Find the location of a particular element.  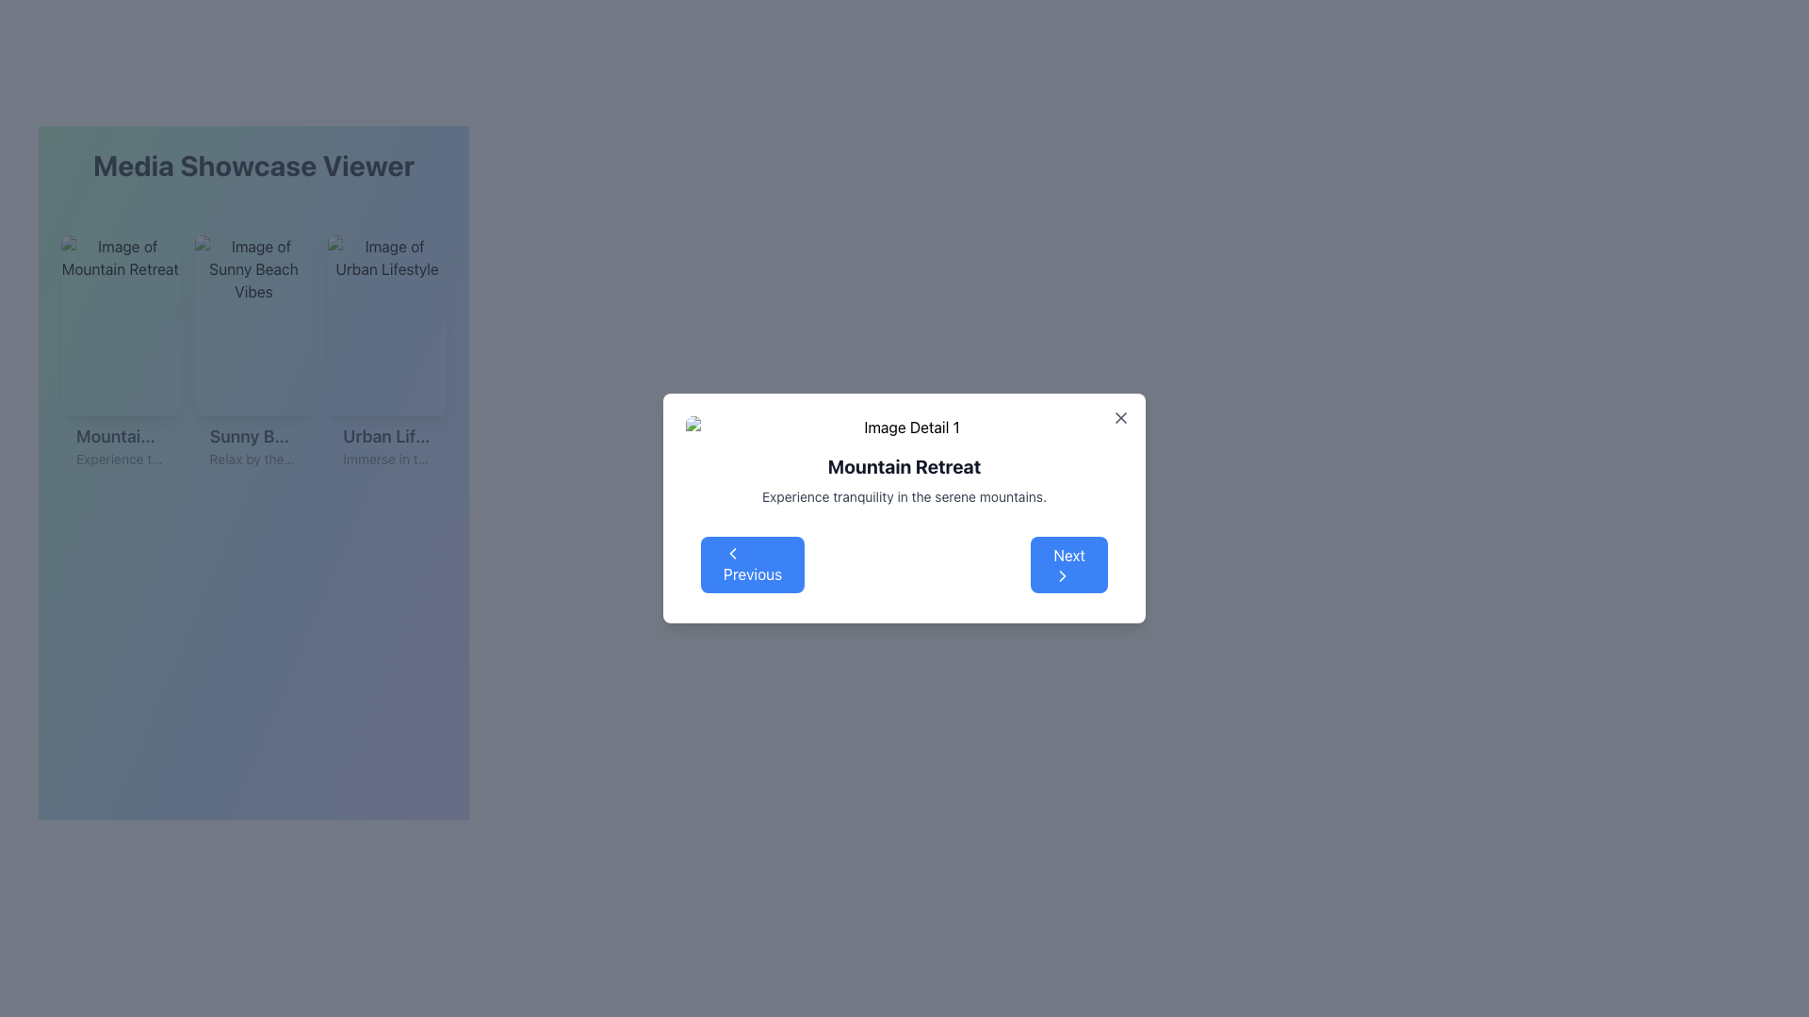

the interactive card for 'Sunny Beach Vibes' located in the Media Showcase Viewer is located at coordinates (253, 356).